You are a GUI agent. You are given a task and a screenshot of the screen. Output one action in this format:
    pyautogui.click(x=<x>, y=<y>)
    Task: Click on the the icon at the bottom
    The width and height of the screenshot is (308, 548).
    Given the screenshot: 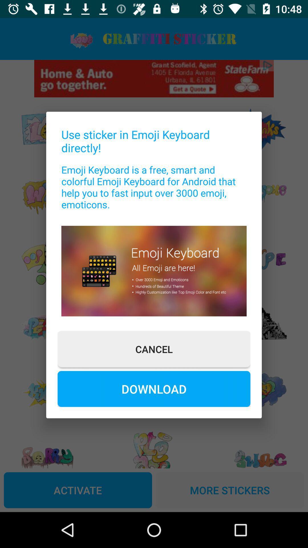 What is the action you would take?
    pyautogui.click(x=154, y=388)
    